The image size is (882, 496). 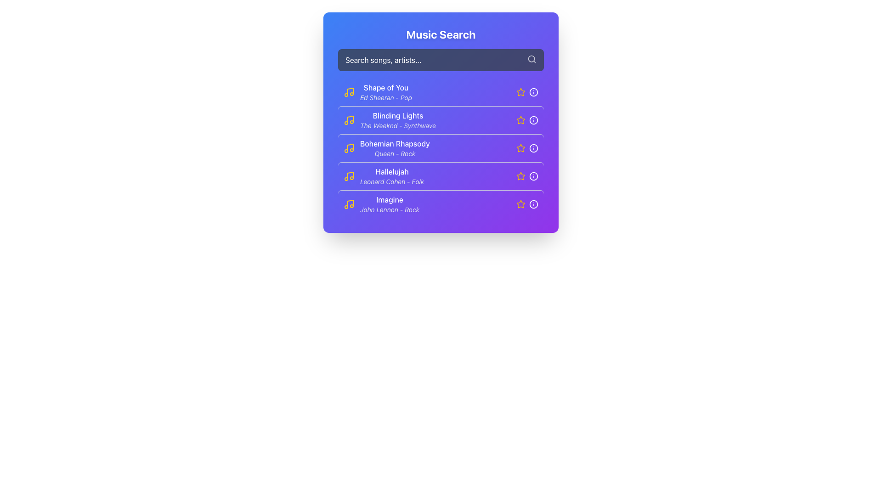 What do you see at coordinates (527, 120) in the screenshot?
I see `the yellow outlined star icon located to the right of the song title 'Blinding Lights by The Weeknd'` at bounding box center [527, 120].